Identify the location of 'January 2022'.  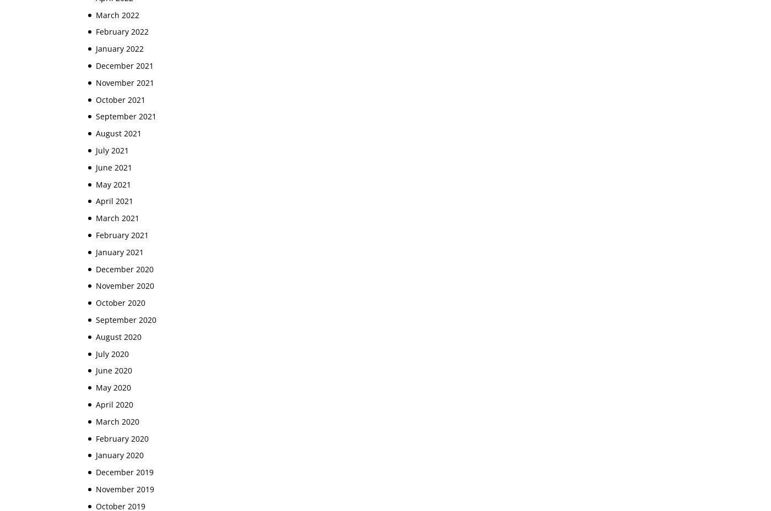
(120, 48).